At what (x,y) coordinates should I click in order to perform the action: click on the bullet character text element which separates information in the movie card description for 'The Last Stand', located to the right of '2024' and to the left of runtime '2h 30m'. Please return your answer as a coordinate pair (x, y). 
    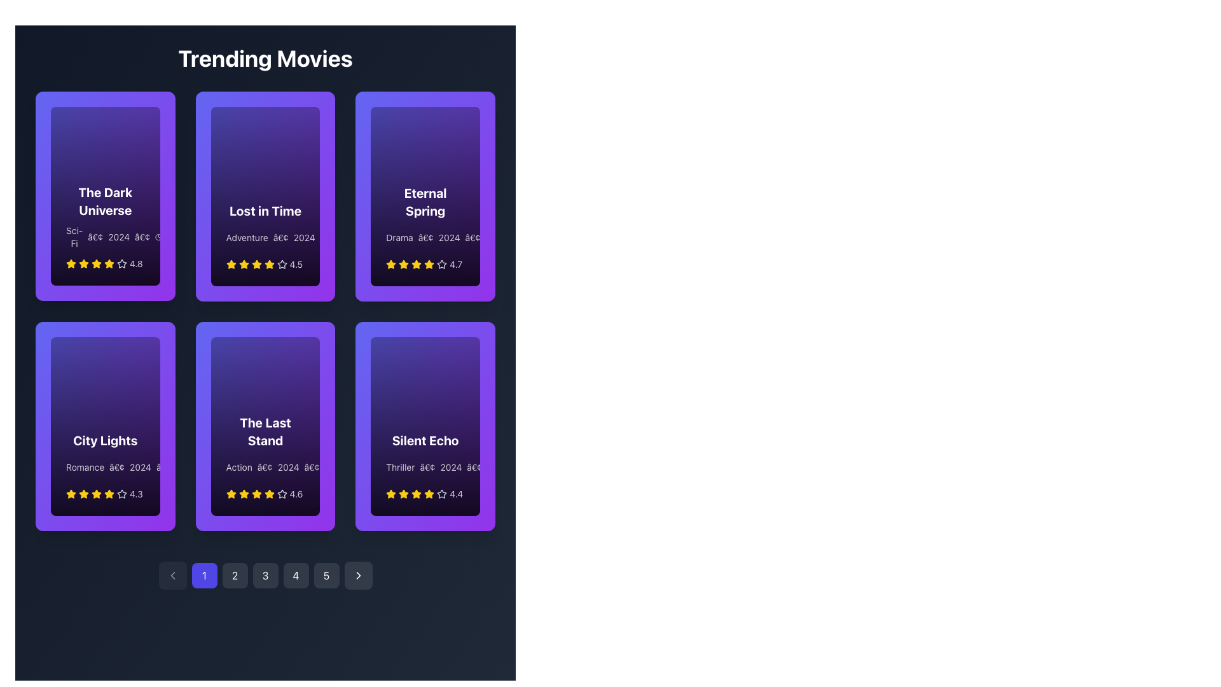
    Looking at the image, I should click on (312, 468).